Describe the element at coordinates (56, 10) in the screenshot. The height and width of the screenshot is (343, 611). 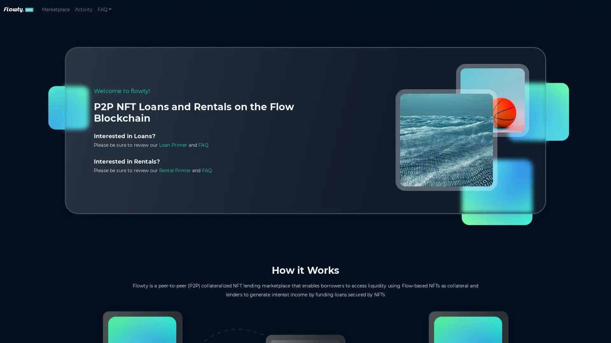
I see `Marketplace` at that location.